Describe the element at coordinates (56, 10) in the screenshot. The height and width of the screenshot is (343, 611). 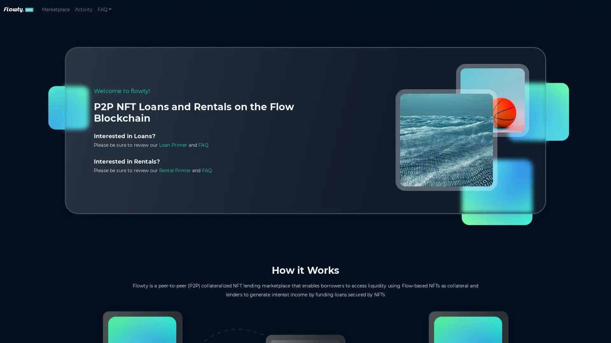
I see `Marketplace` at that location.